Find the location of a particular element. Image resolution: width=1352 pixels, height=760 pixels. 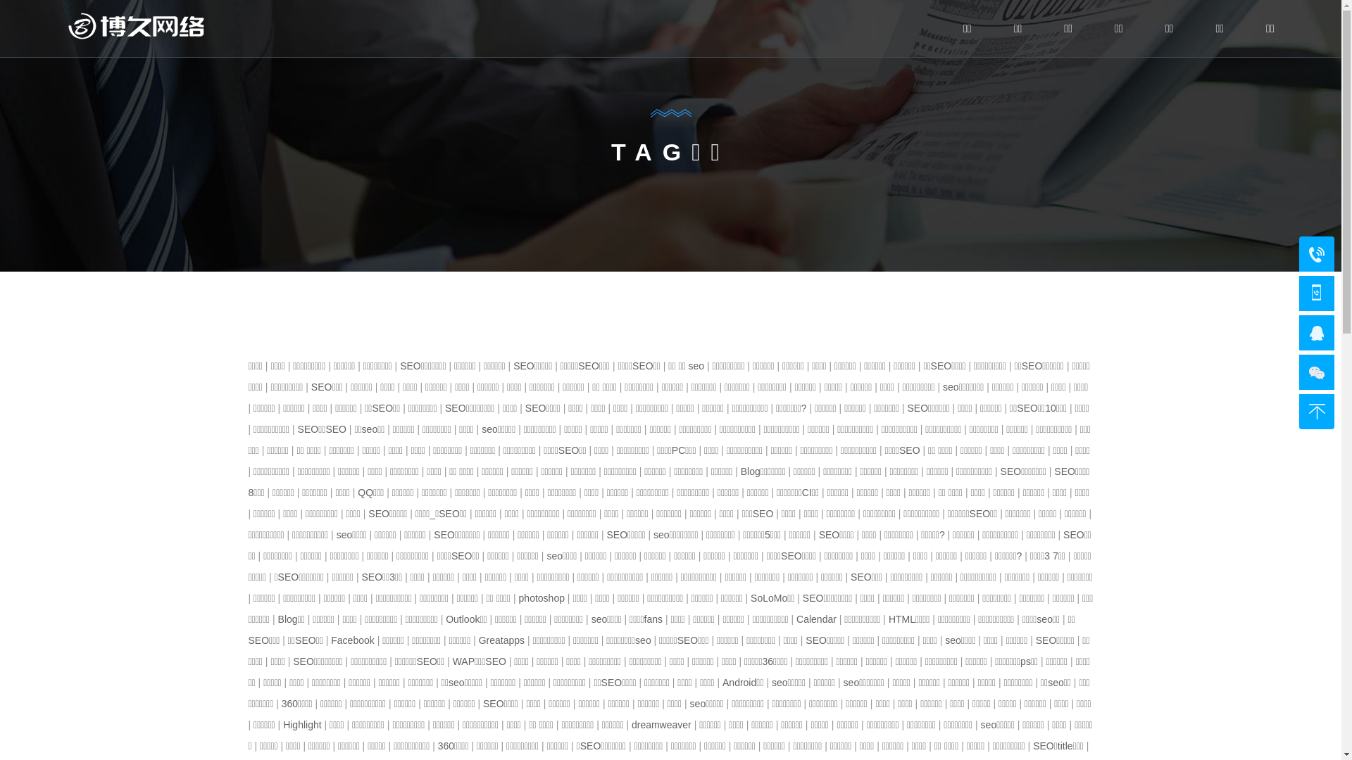

'photoshop' is located at coordinates (541, 597).